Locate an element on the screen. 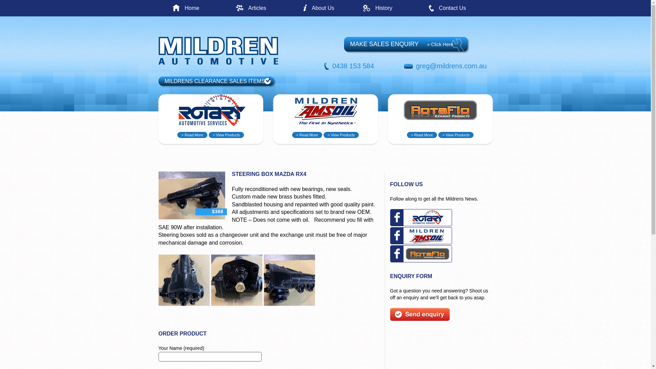 Image resolution: width=656 pixels, height=369 pixels. 'Home' is located at coordinates (209, 8).